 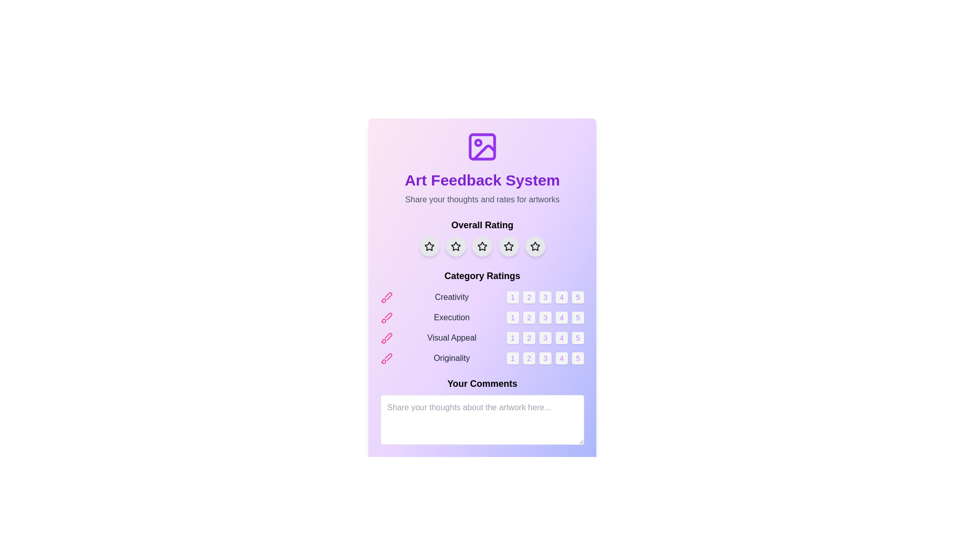 What do you see at coordinates (544, 338) in the screenshot?
I see `the third button in the 'Visual Appeal' category ratings to observe visual feedback` at bounding box center [544, 338].